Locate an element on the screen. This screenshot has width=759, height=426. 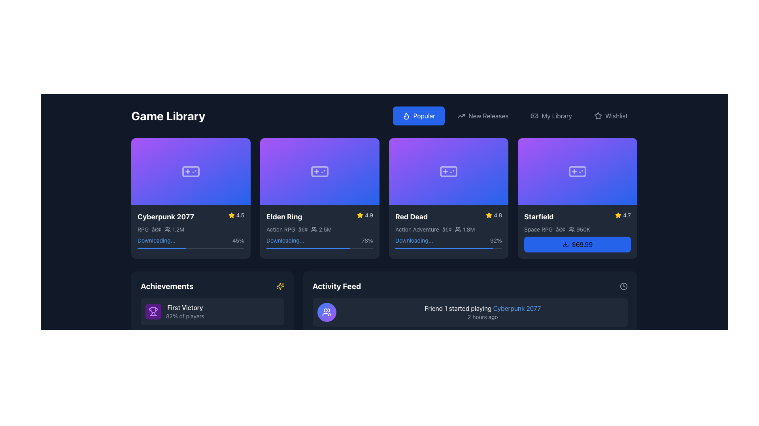
the text block displaying '1.2M' with a user icon, located in the first card titled 'Cyberpunk 2077' in the Game Library section is located at coordinates (174, 229).